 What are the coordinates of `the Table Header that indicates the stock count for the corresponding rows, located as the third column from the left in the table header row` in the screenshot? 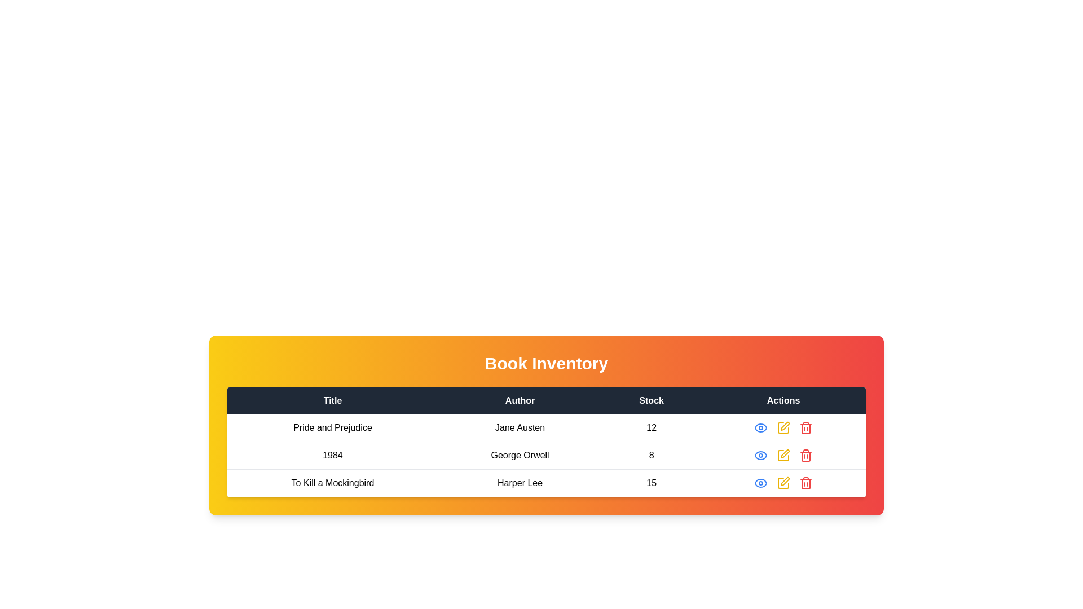 It's located at (651, 400).